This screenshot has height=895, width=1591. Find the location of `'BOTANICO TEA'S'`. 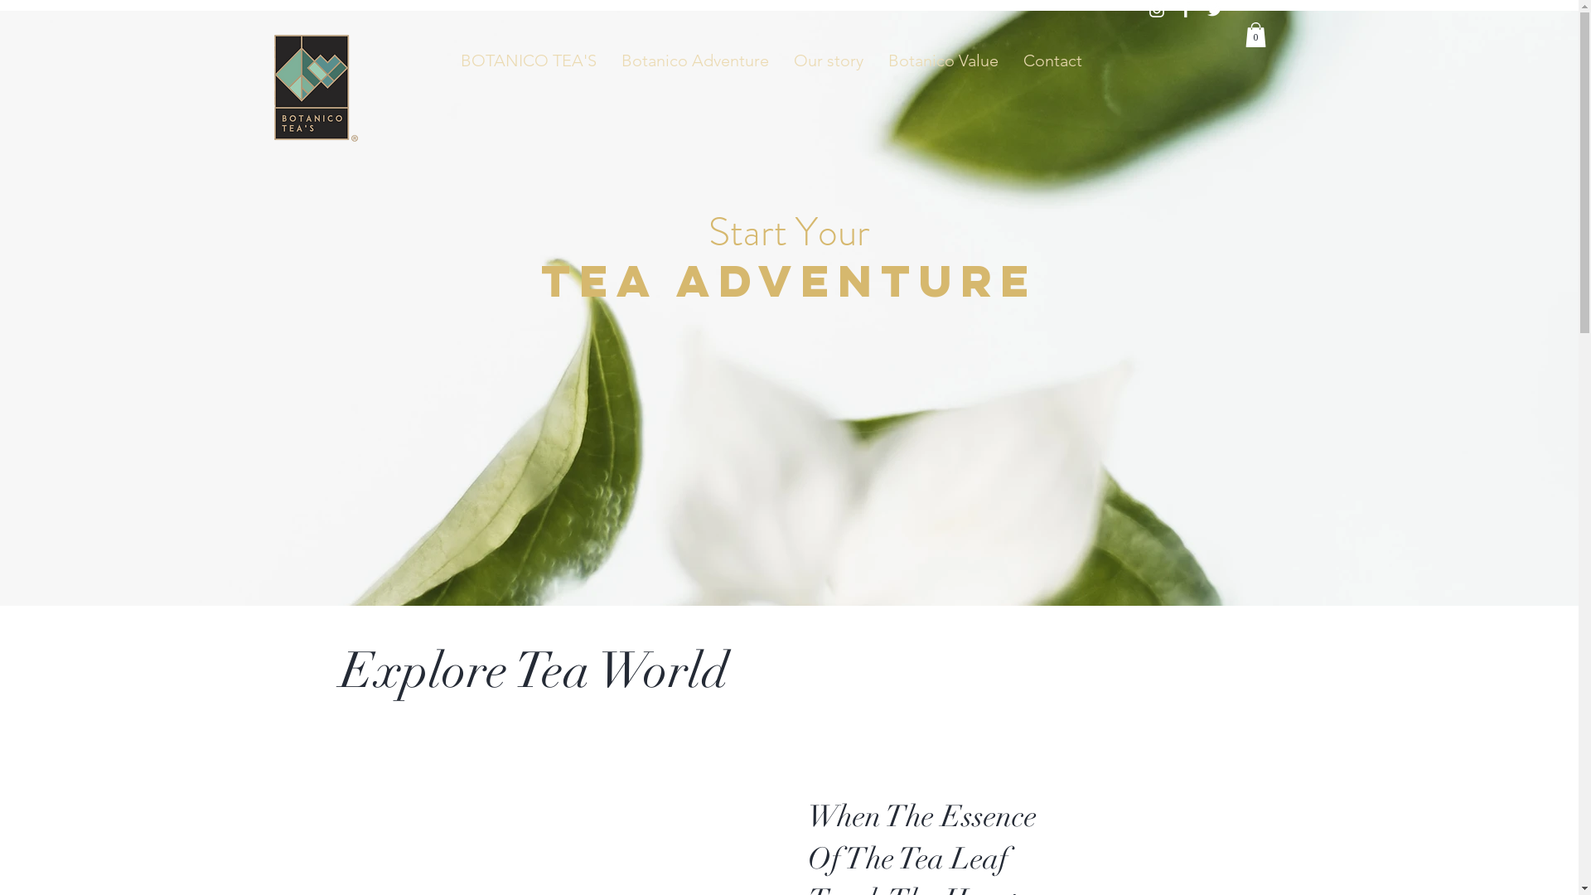

'BOTANICO TEA'S' is located at coordinates (528, 60).